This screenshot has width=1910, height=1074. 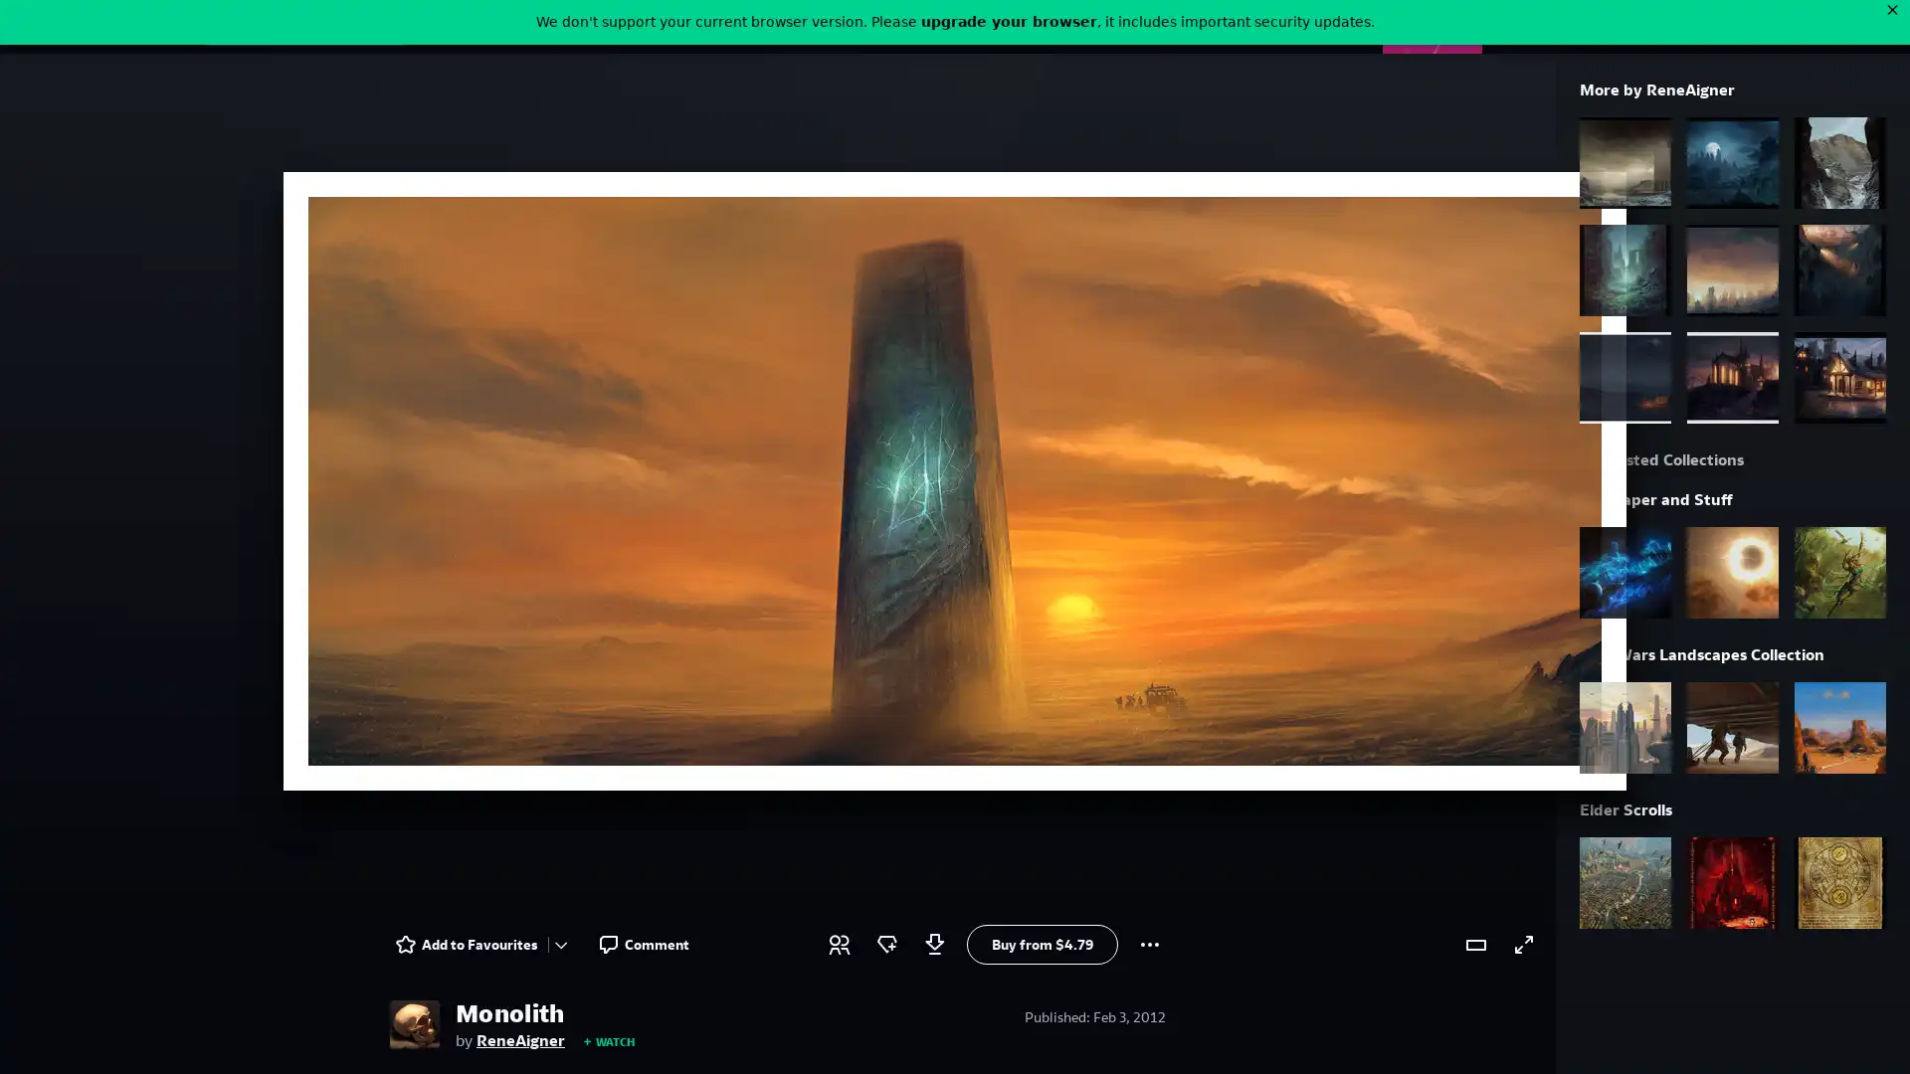 I want to click on Search, so click(x=382, y=27).